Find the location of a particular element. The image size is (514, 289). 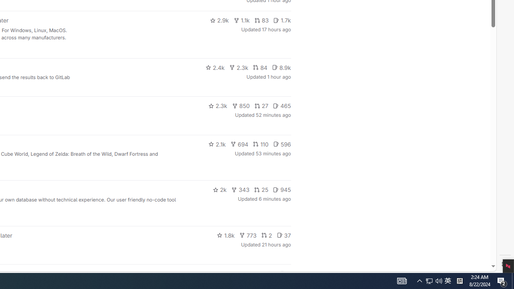

'1.8k' is located at coordinates (225, 235).